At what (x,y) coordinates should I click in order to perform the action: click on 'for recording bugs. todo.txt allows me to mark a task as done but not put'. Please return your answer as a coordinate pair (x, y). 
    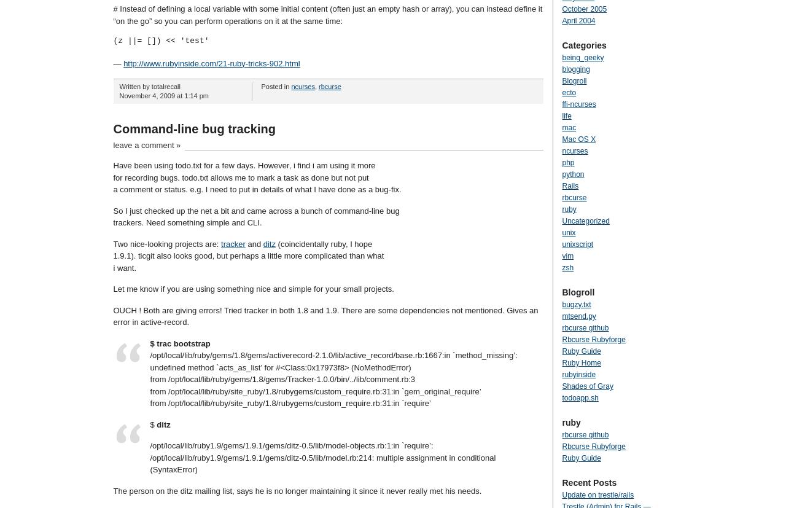
    Looking at the image, I should click on (241, 176).